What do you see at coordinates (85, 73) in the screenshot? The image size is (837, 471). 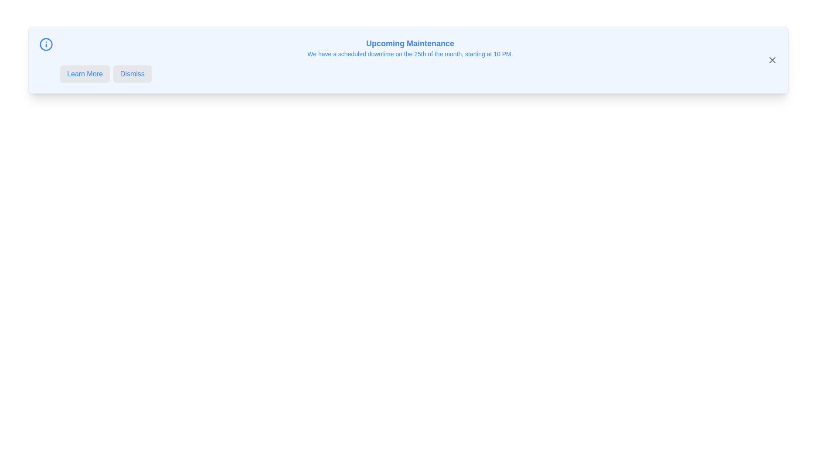 I see `the 'Learn More' button, which is a rectangular button with rounded edges, light gray background, and blue text, positioned below a blue informational banner` at bounding box center [85, 73].